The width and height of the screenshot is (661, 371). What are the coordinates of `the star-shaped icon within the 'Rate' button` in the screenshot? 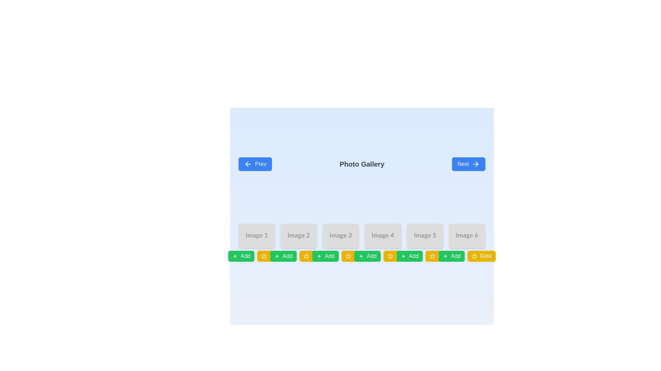 It's located at (306, 256).